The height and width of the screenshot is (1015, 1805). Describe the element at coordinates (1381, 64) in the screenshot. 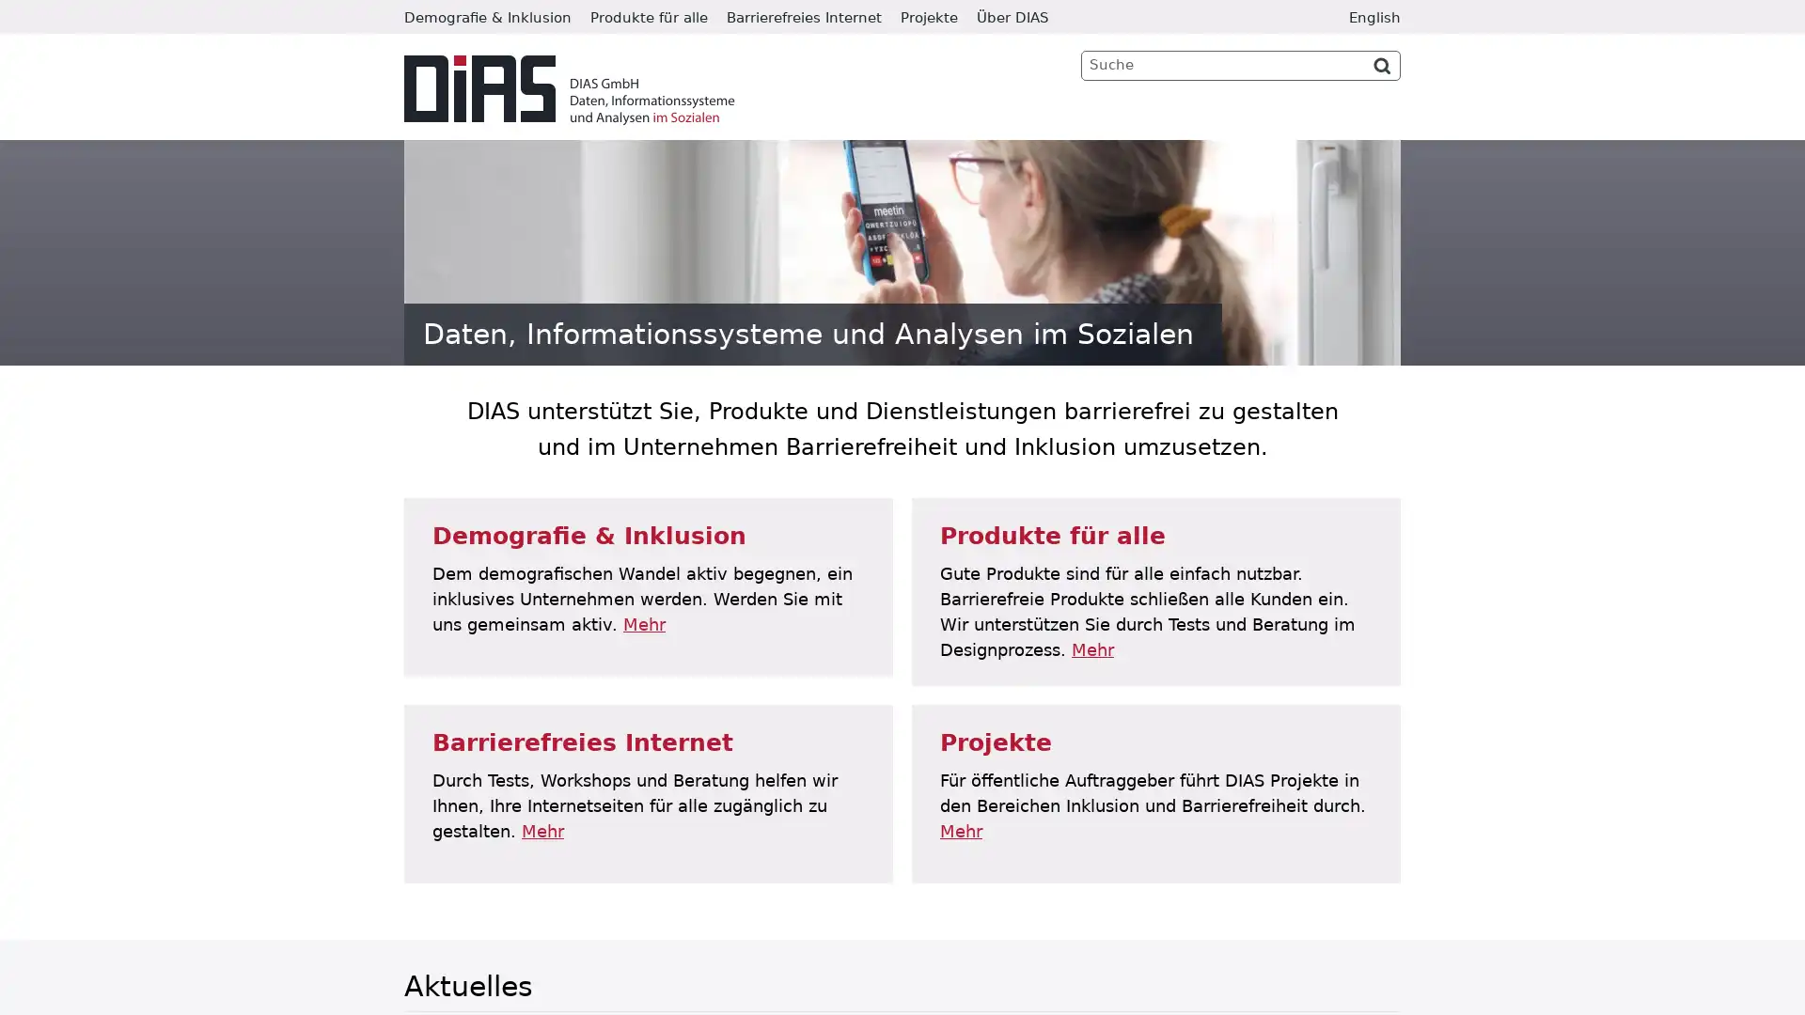

I see `Suche starten` at that location.